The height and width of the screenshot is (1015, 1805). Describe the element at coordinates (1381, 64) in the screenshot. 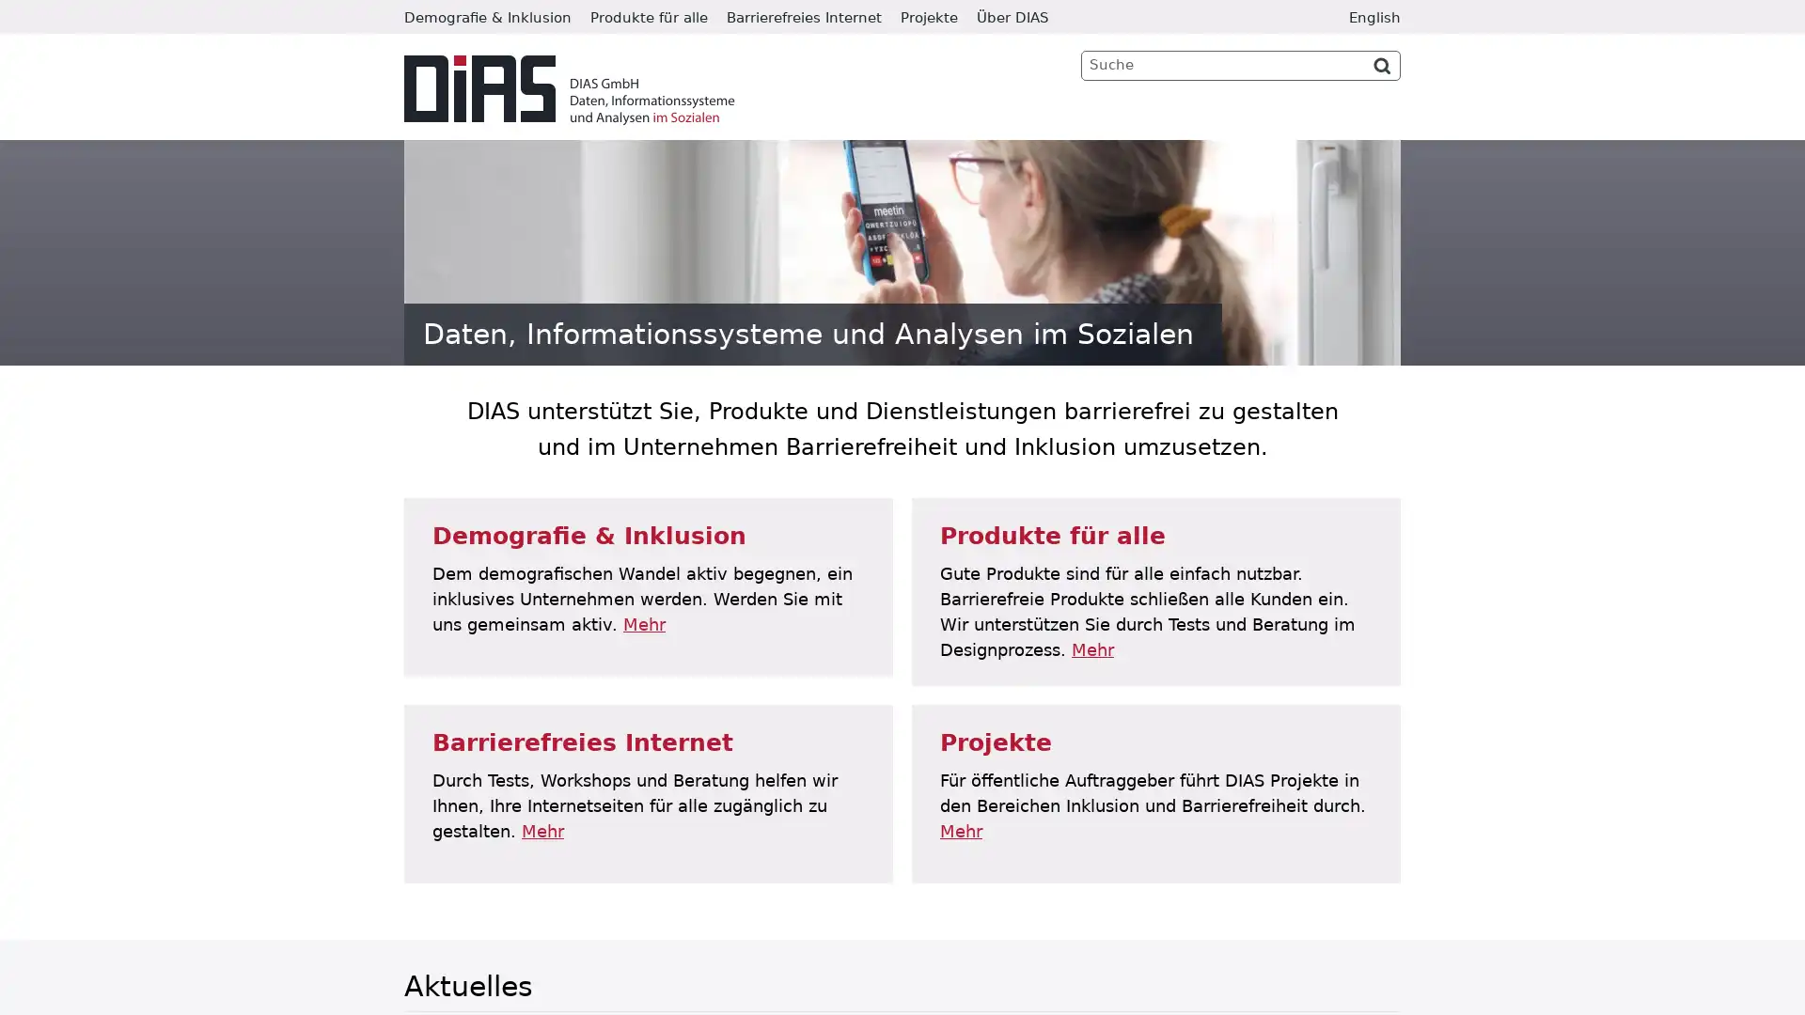

I see `Suche starten` at that location.